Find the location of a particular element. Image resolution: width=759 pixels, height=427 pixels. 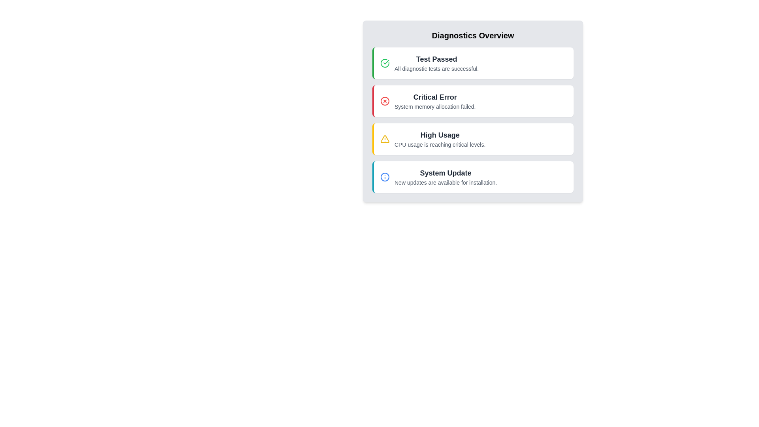

message displayed in the text node that says 'System memory allocation failed.' which is located below the 'Critical Error' title in the gray card is located at coordinates (434, 107).